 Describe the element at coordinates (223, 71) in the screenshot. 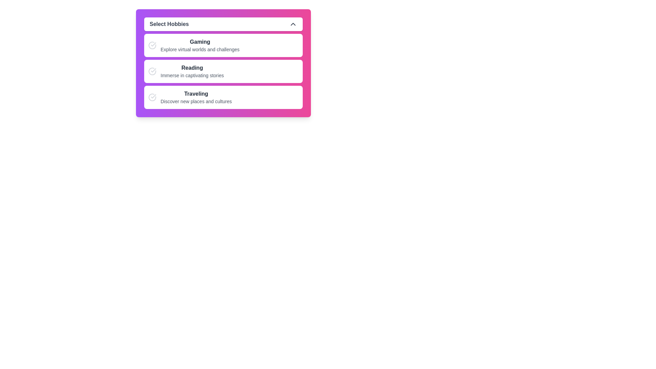

I see `the second selectable list item in the 'Select Hobbies' section` at that location.